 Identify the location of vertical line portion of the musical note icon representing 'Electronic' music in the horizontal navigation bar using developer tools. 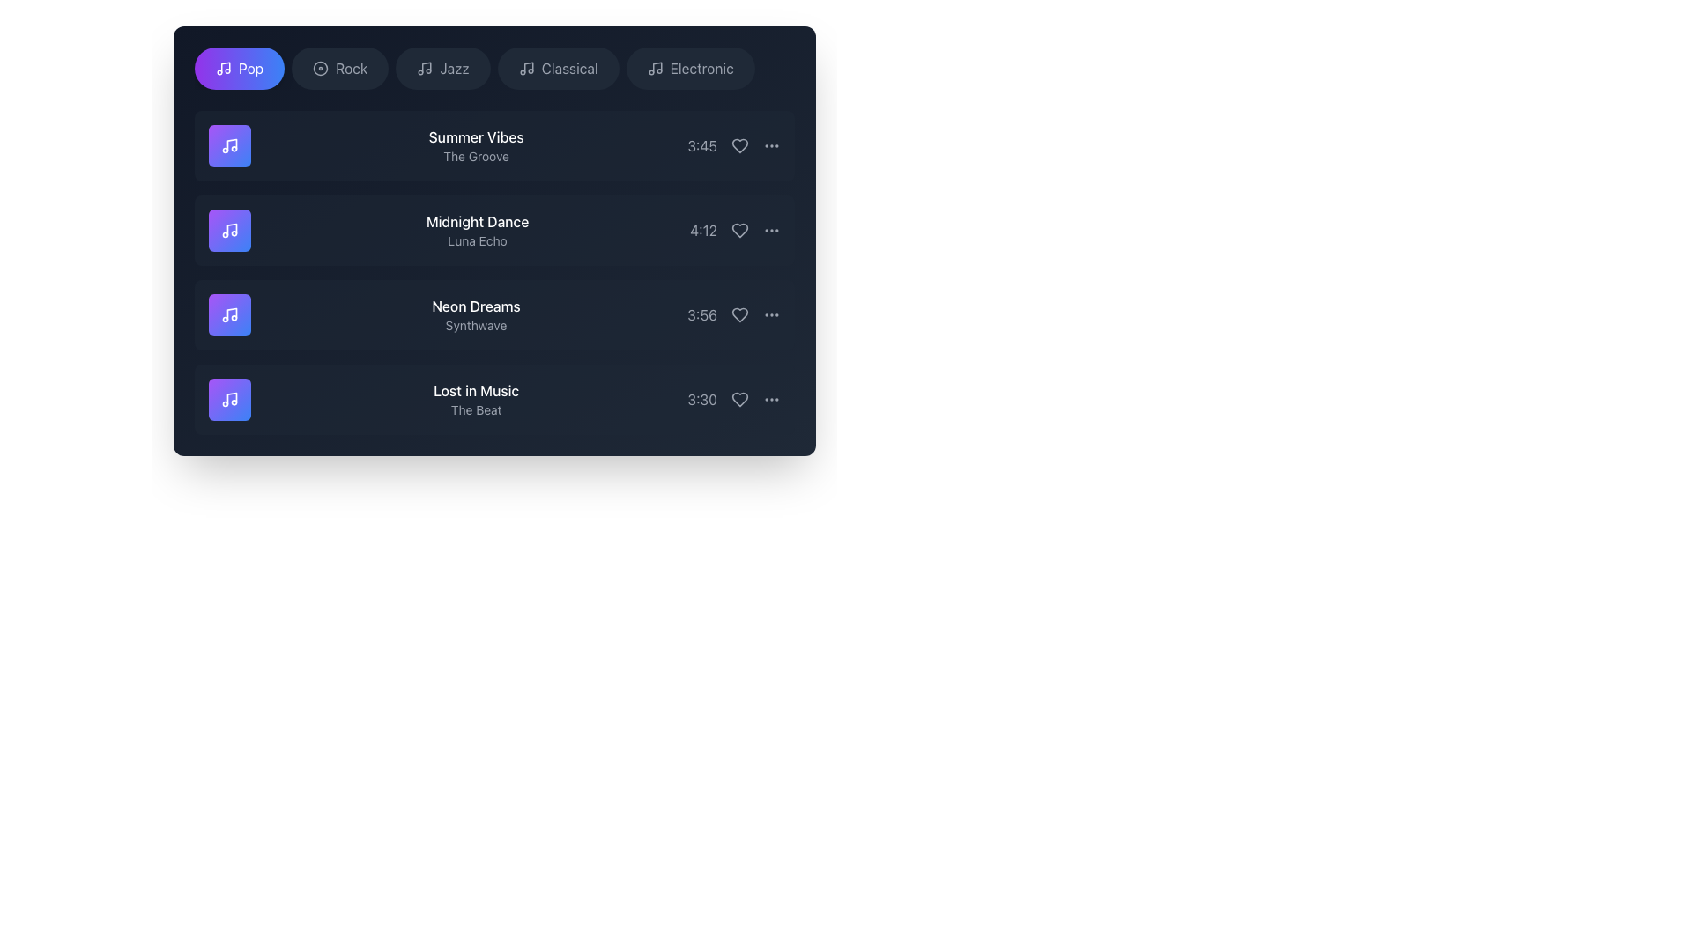
(656, 66).